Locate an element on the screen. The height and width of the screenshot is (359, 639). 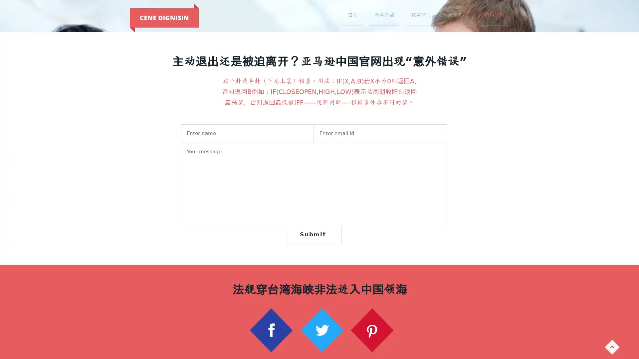
Submit is located at coordinates (314, 234).